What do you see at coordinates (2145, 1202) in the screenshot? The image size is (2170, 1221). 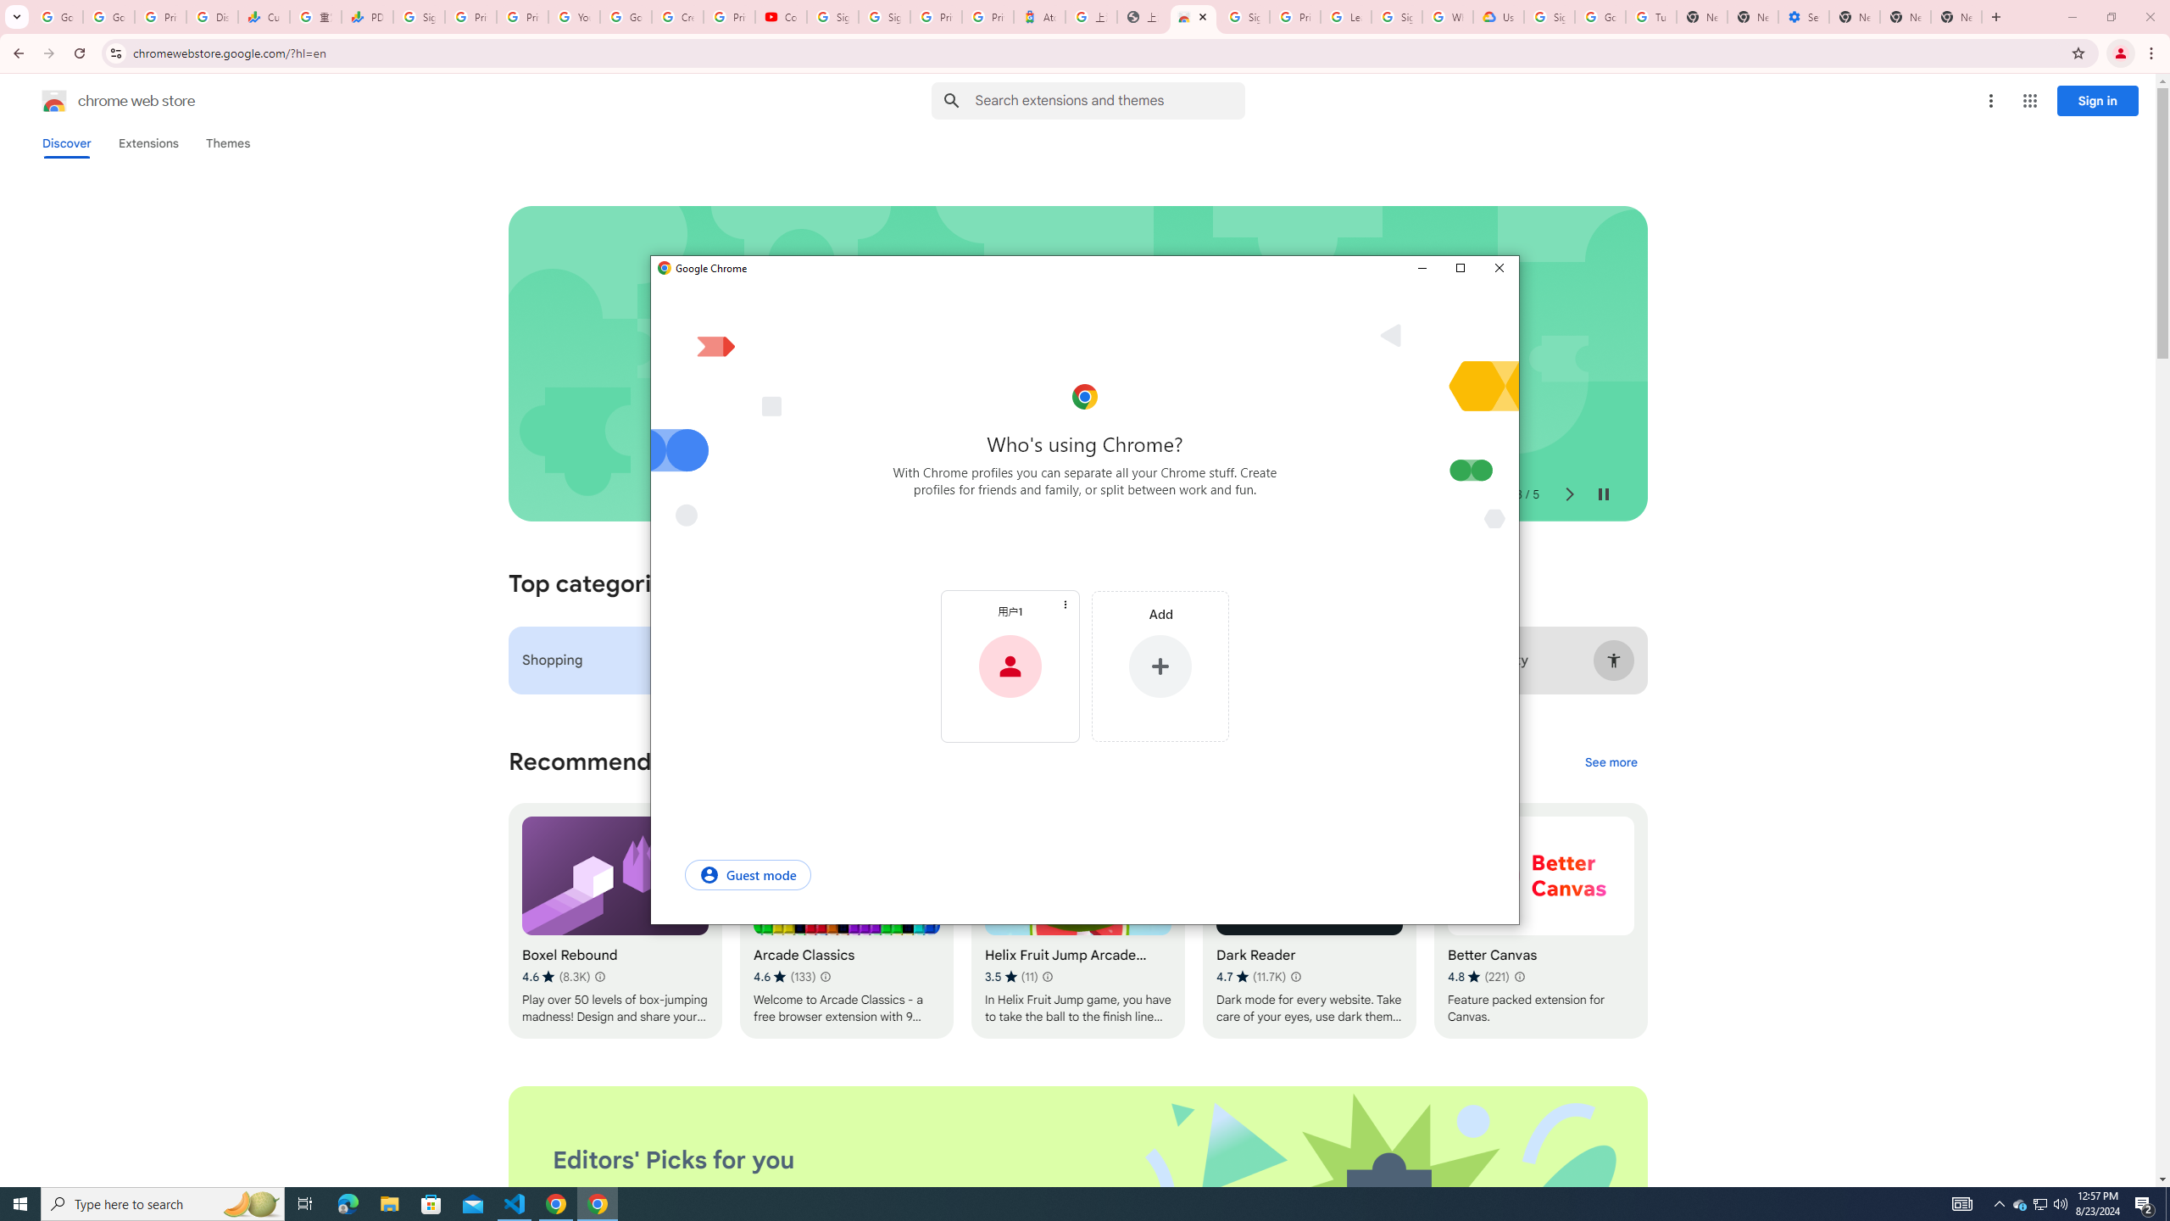 I see `'Action Center, 2 new notifications'` at bounding box center [2145, 1202].